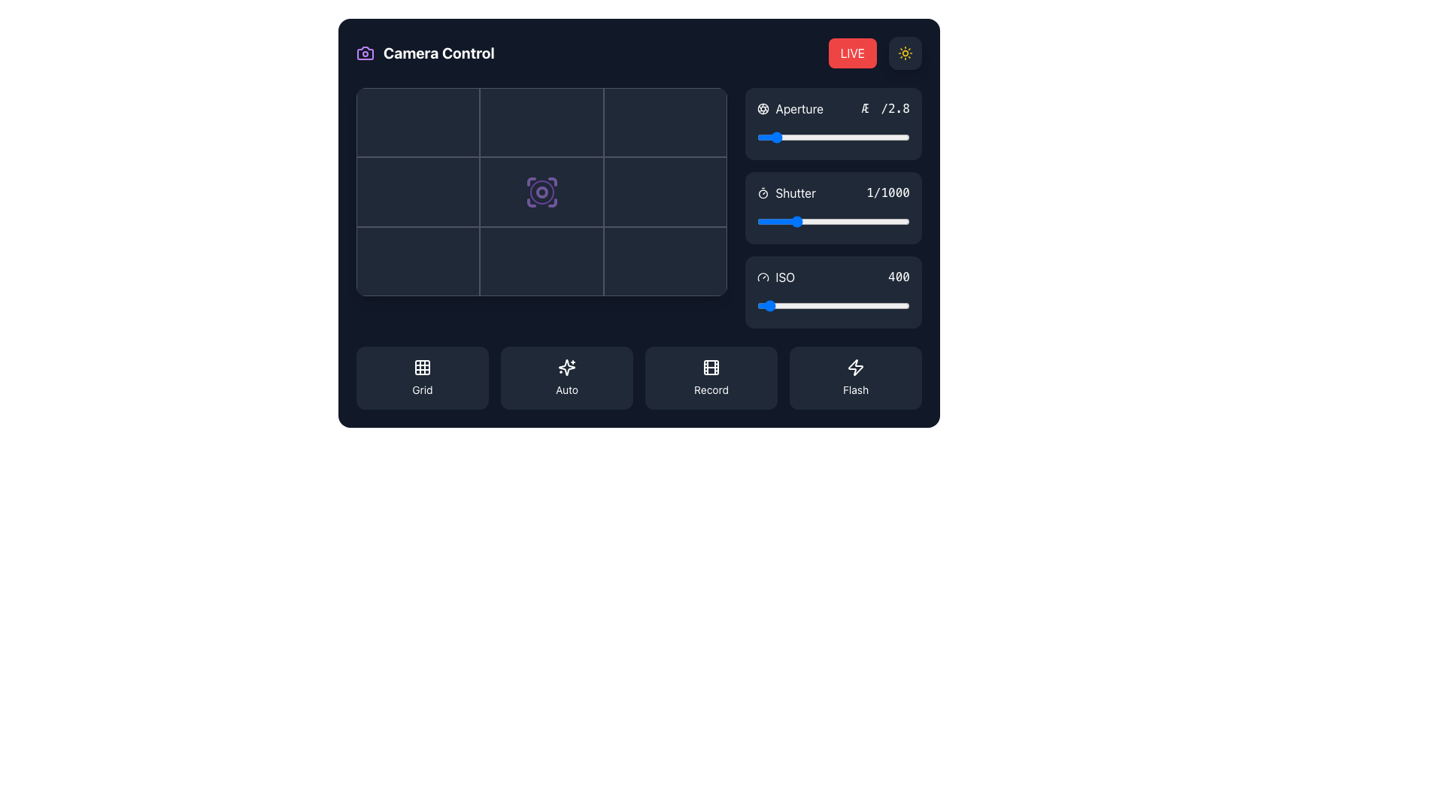  I want to click on the bottom-right grid cell of the 3x3 layout, so click(665, 261).